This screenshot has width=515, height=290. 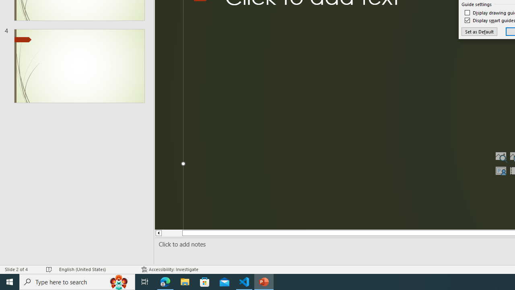 I want to click on 'Stock Images', so click(x=500, y=156).